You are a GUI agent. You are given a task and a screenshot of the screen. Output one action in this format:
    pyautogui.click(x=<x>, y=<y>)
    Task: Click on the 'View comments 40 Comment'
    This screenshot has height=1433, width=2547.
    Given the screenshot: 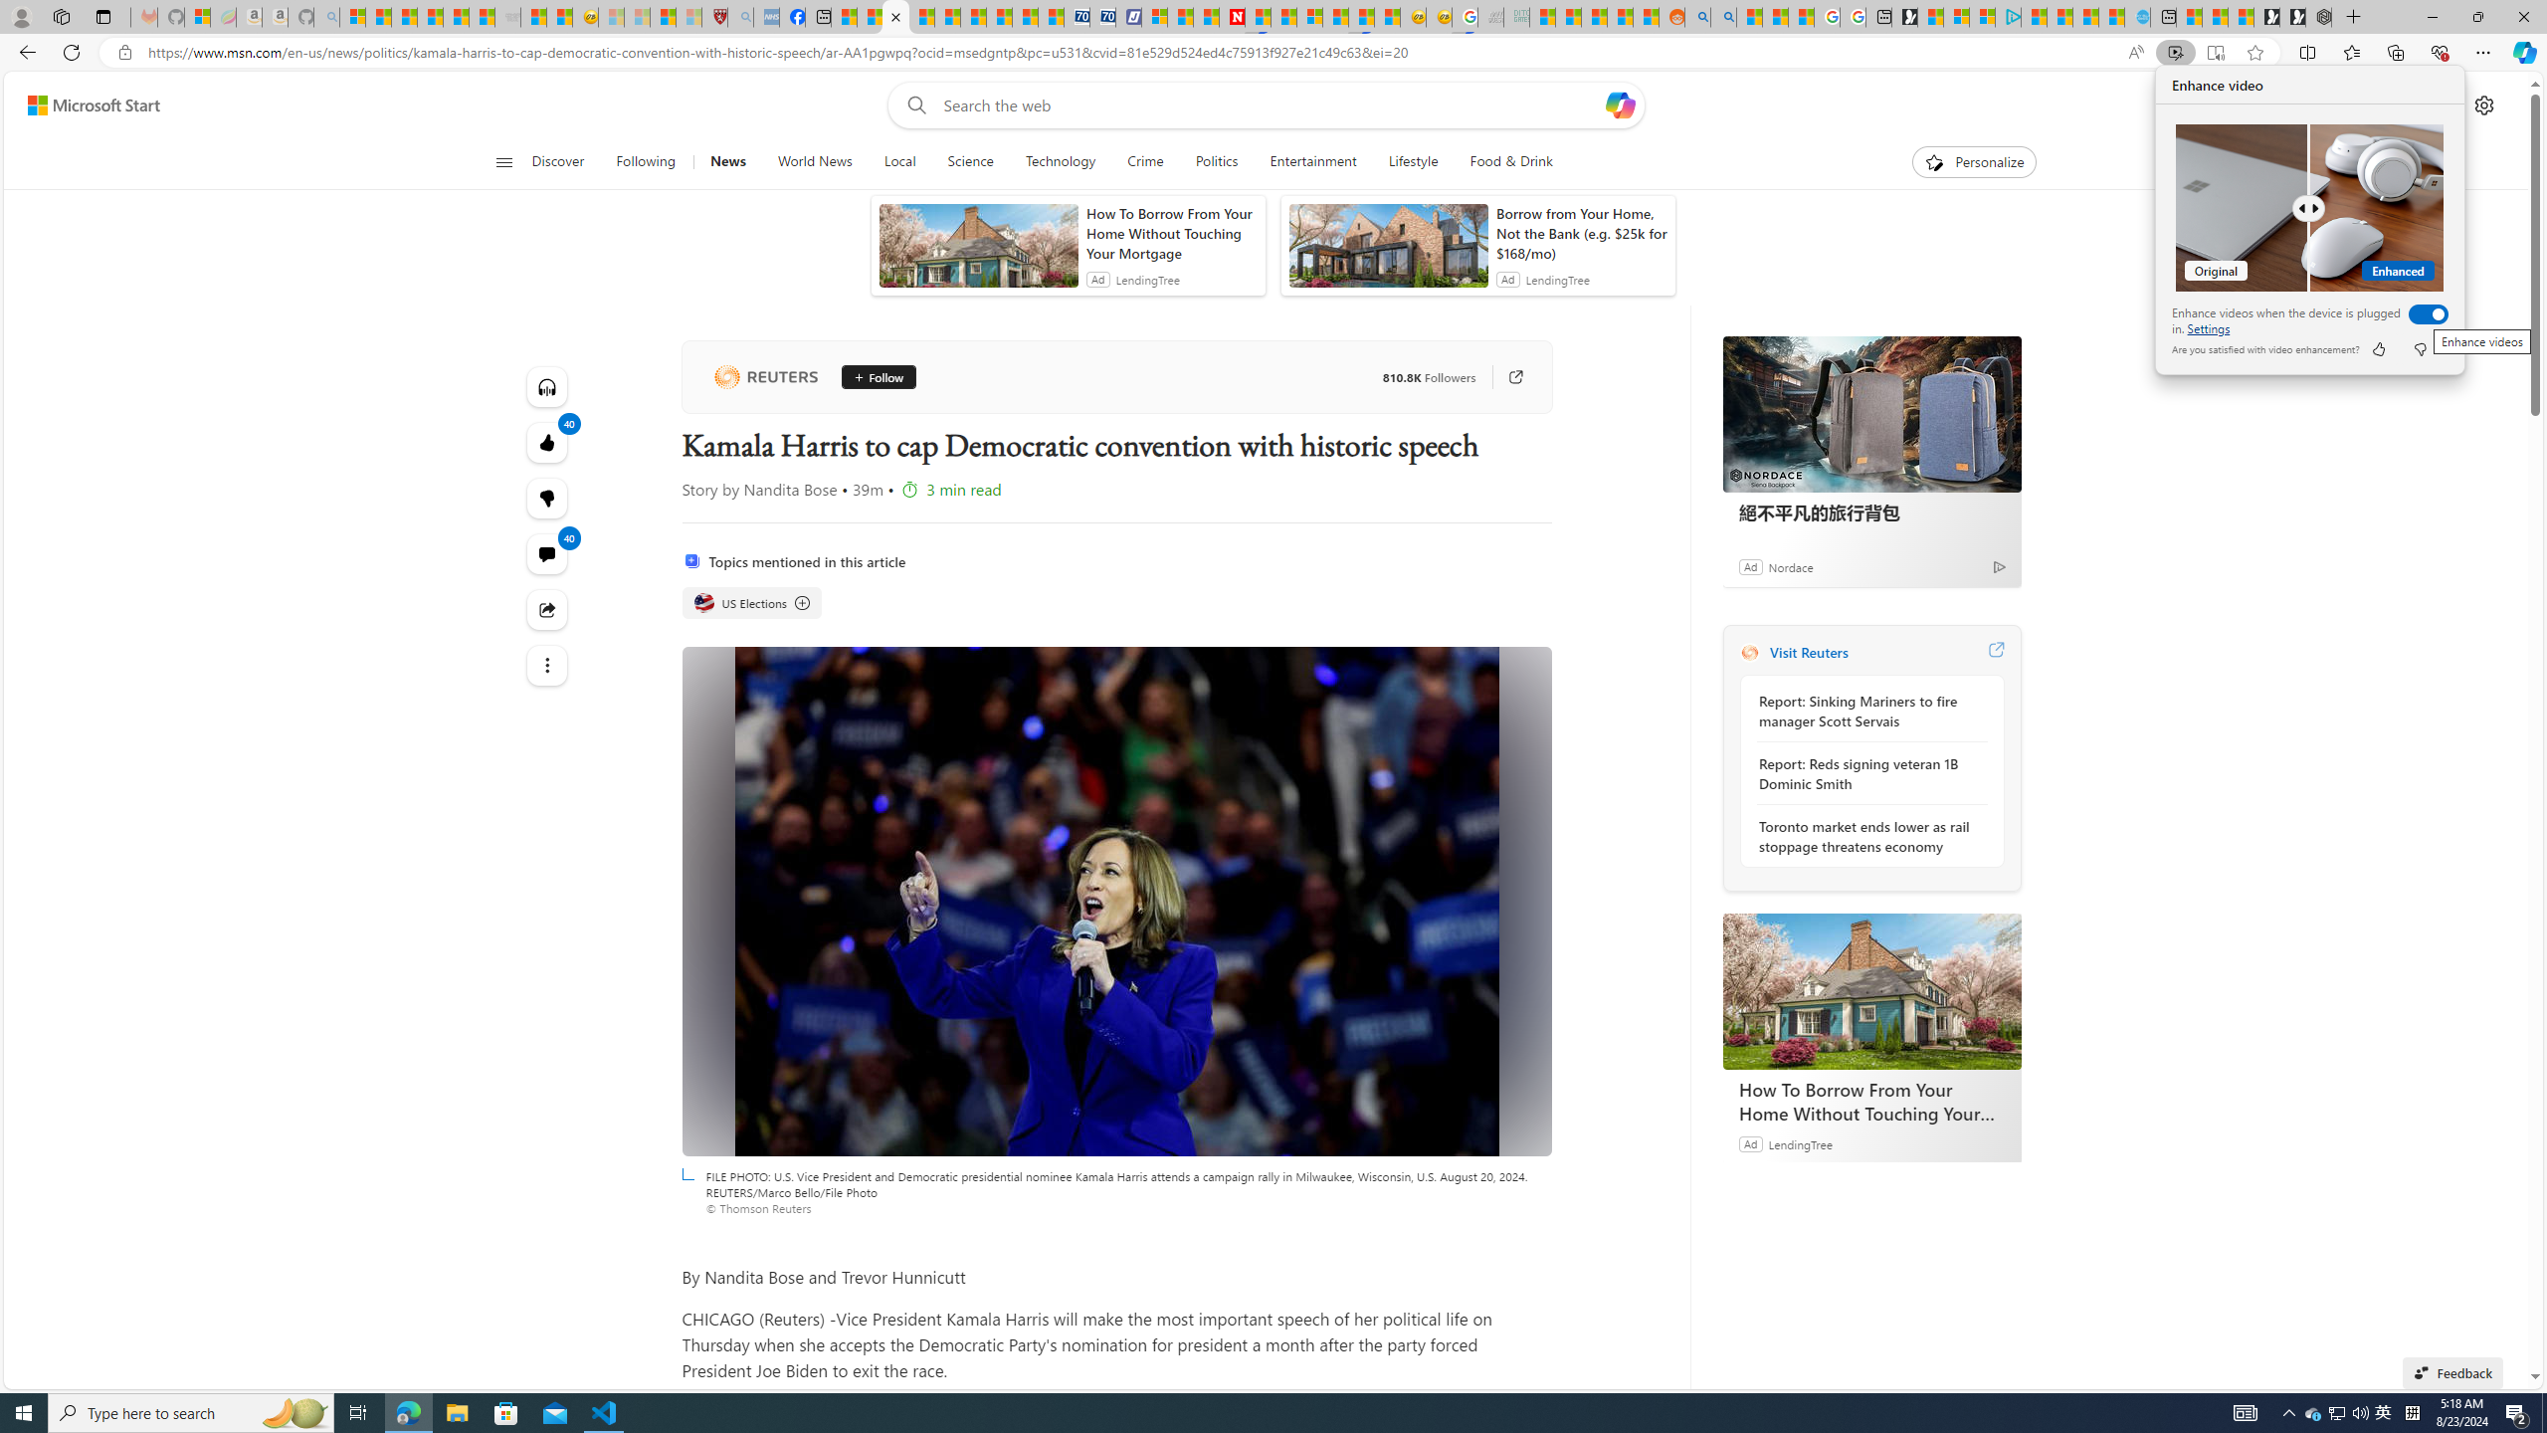 What is the action you would take?
    pyautogui.click(x=547, y=553)
    